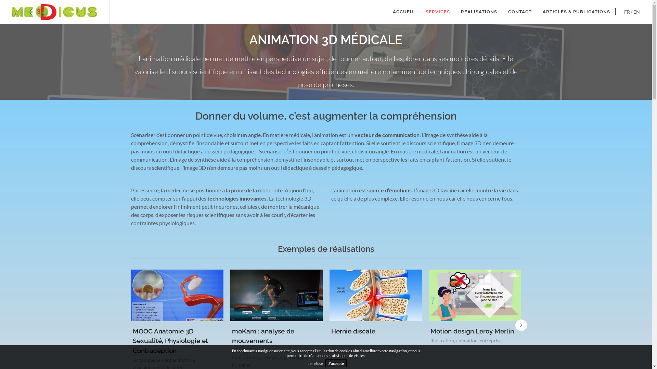 The width and height of the screenshot is (657, 369). What do you see at coordinates (272, 350) in the screenshot?
I see `'illustration'` at bounding box center [272, 350].